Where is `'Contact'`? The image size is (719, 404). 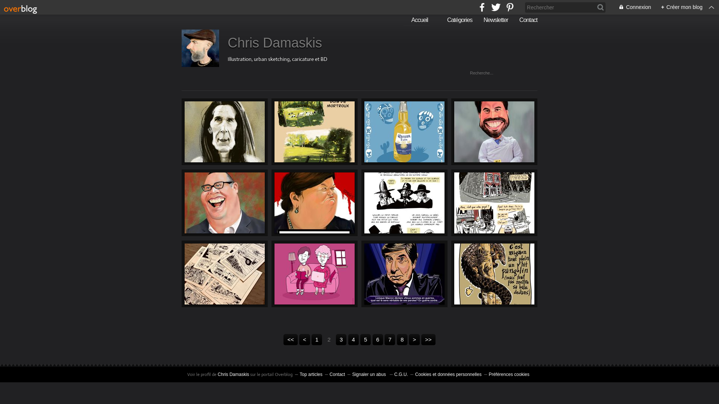
'Contact' is located at coordinates (337, 374).